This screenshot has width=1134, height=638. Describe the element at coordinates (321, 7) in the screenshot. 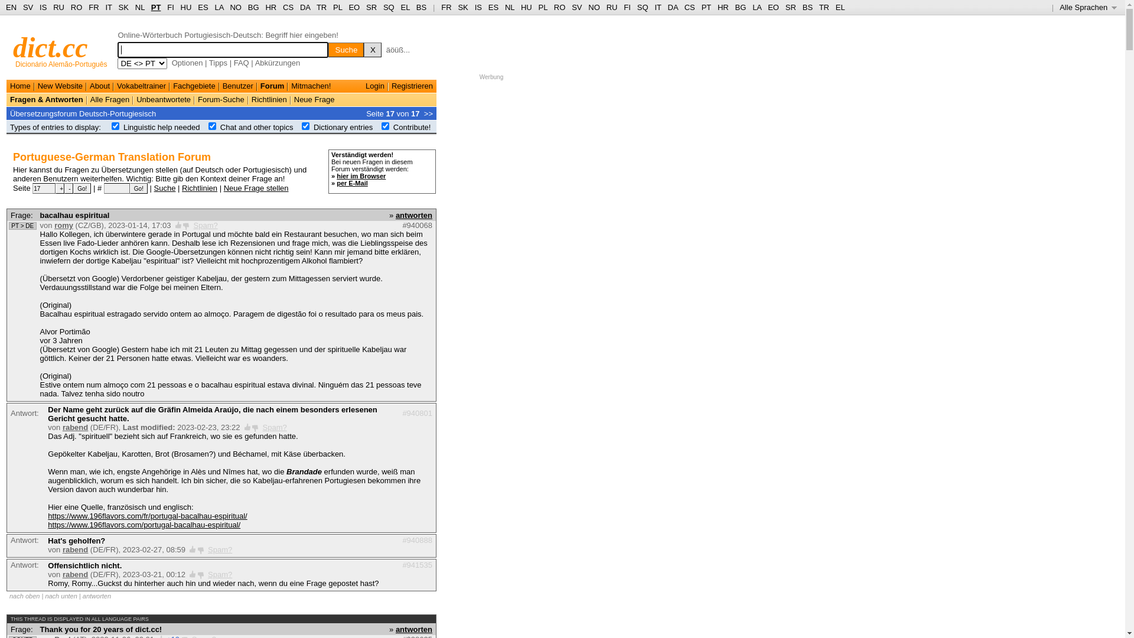

I see `'TR'` at that location.